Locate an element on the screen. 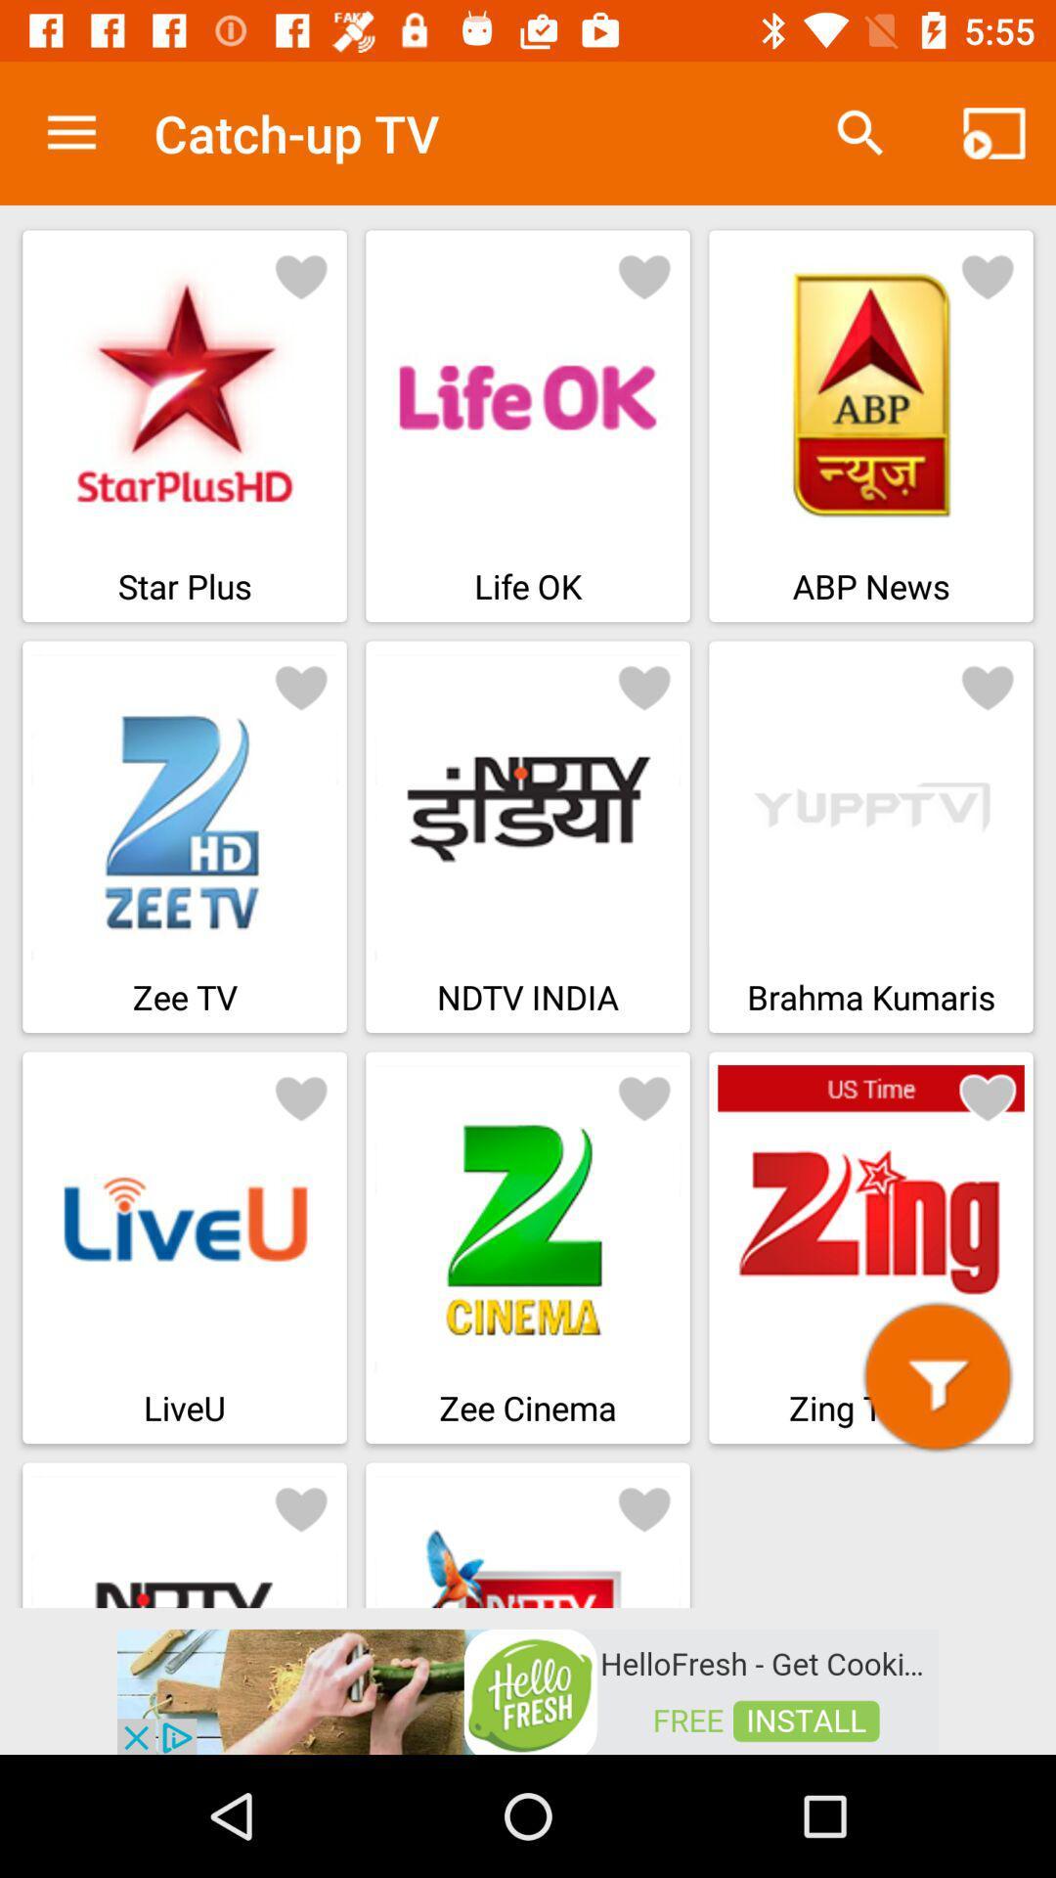 The width and height of the screenshot is (1056, 1878). this zing button is located at coordinates (937, 1375).